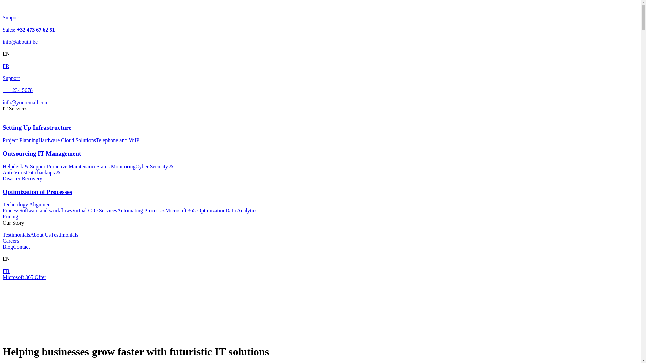 The image size is (646, 363). I want to click on 'Helpdesk & Support', so click(25, 166).